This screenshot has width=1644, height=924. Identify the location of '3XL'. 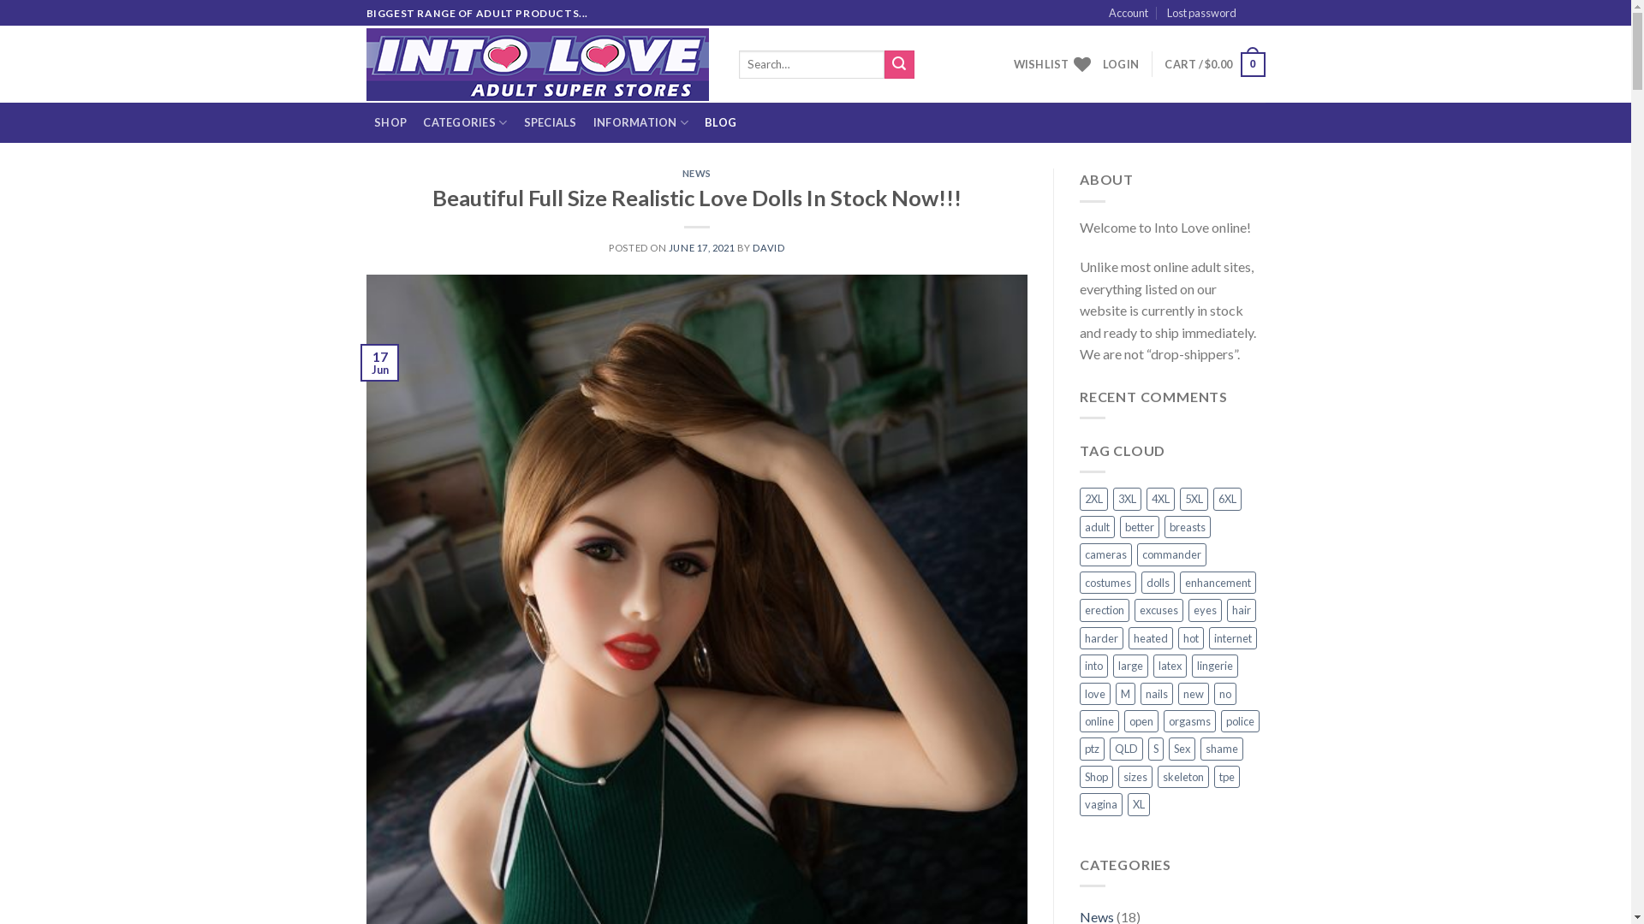
(1127, 498).